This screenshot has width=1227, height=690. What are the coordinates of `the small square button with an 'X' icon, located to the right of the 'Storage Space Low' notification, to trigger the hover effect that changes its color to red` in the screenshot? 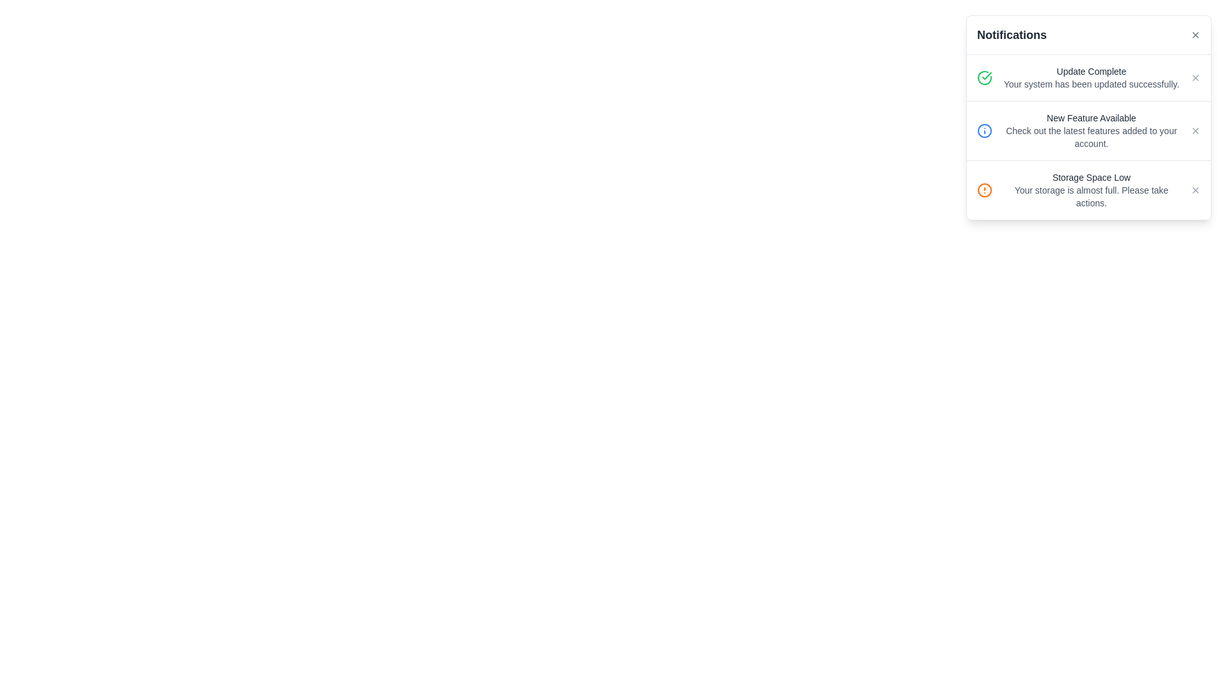 It's located at (1195, 190).